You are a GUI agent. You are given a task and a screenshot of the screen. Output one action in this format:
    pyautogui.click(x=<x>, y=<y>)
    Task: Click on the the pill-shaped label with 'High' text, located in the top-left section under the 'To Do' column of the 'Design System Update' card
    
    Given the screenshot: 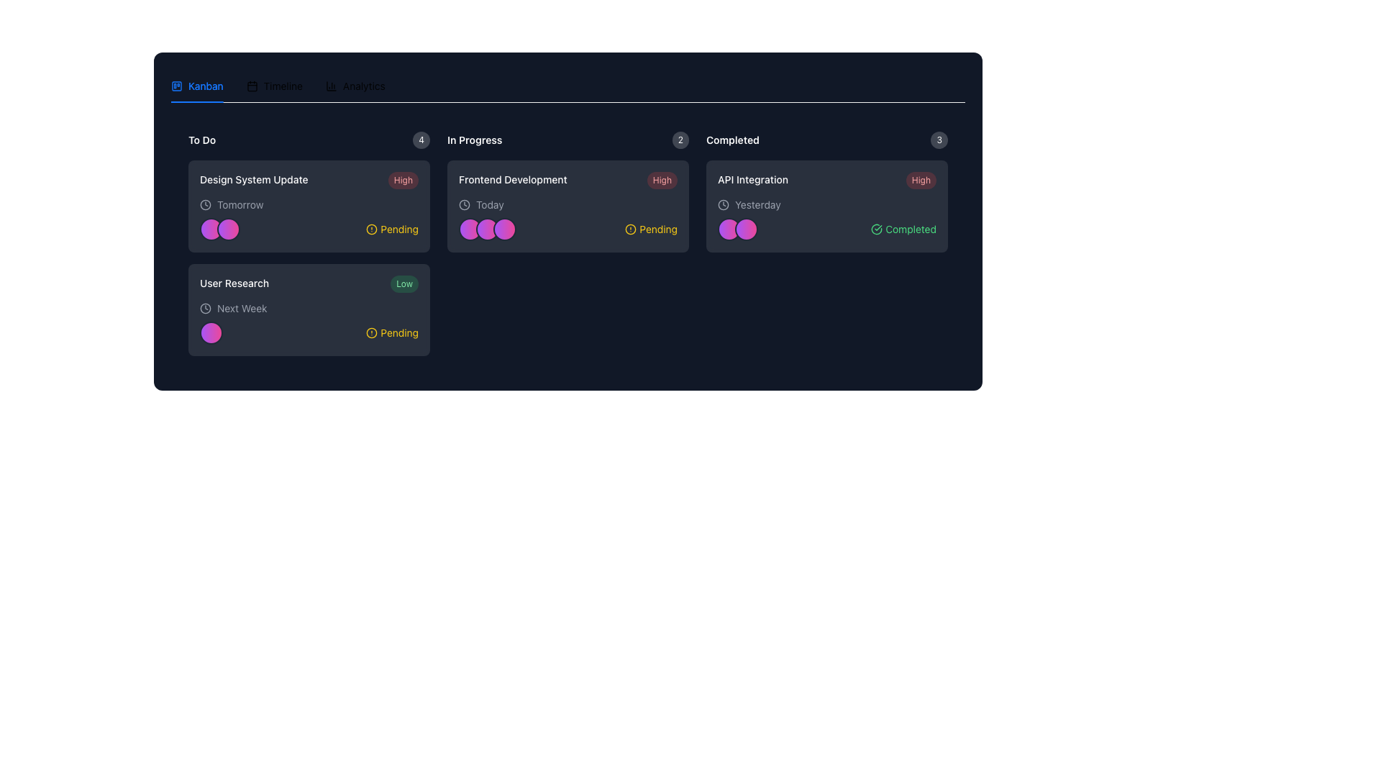 What is the action you would take?
    pyautogui.click(x=403, y=179)
    